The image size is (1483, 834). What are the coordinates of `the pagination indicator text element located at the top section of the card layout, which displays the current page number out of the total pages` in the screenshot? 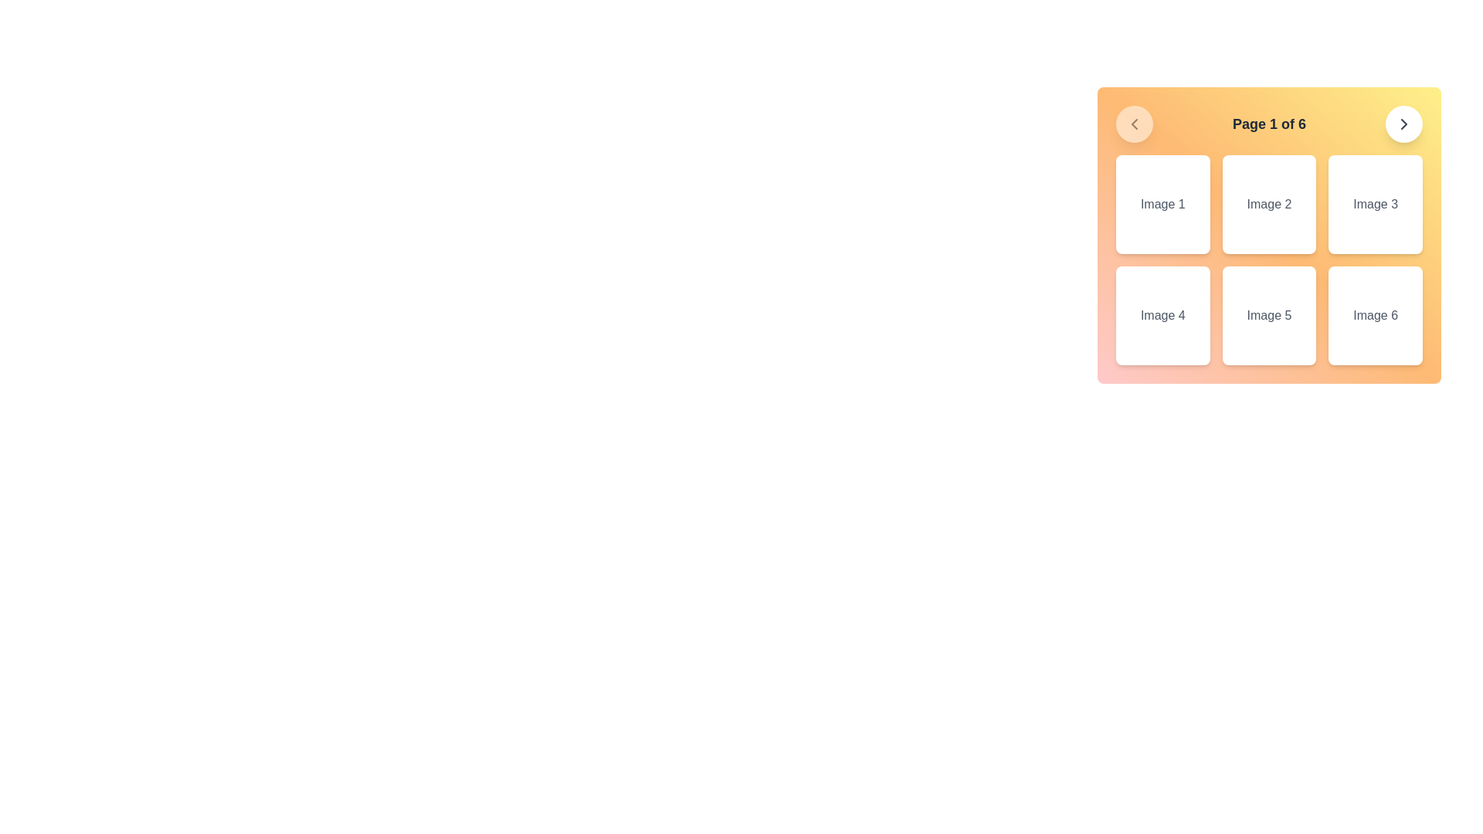 It's located at (1269, 124).